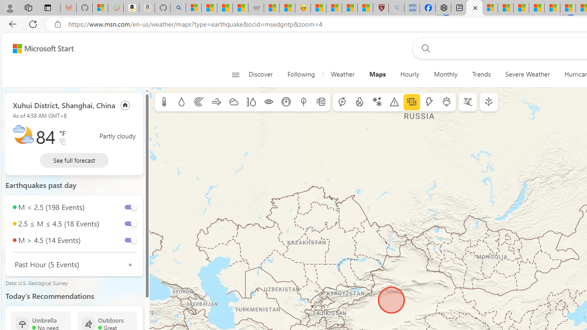 The image size is (587, 330). Describe the element at coordinates (57, 24) in the screenshot. I see `'View site information'` at that location.